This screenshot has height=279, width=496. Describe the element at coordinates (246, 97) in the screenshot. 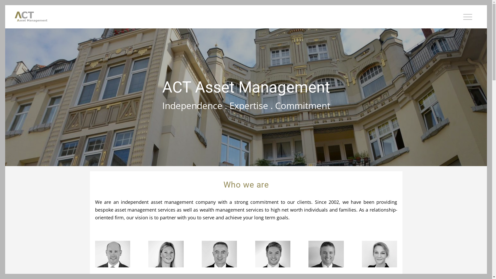

I see `'sterneby-bg'` at that location.